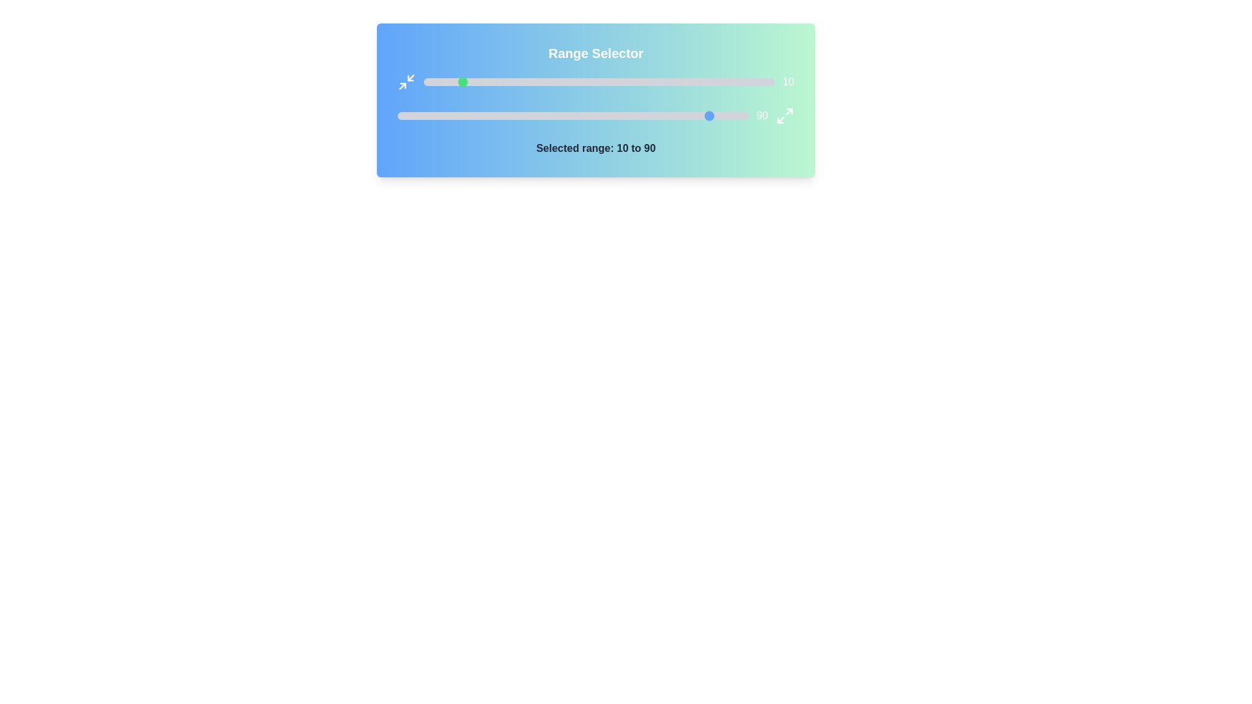 Image resolution: width=1252 pixels, height=704 pixels. Describe the element at coordinates (784, 115) in the screenshot. I see `the icon button located at the far right of the horizontal layout` at that location.